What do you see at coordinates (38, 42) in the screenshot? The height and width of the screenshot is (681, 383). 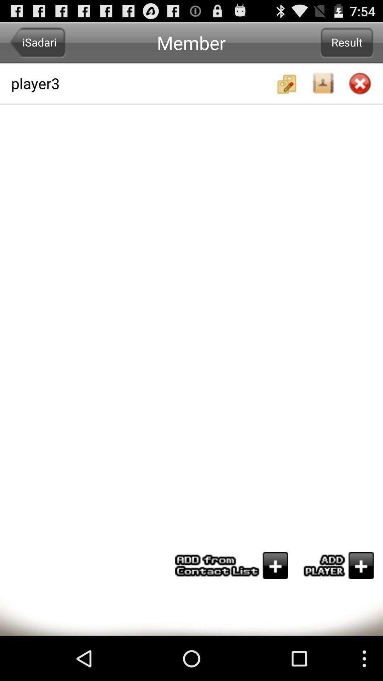 I see `app to the left of member icon` at bounding box center [38, 42].